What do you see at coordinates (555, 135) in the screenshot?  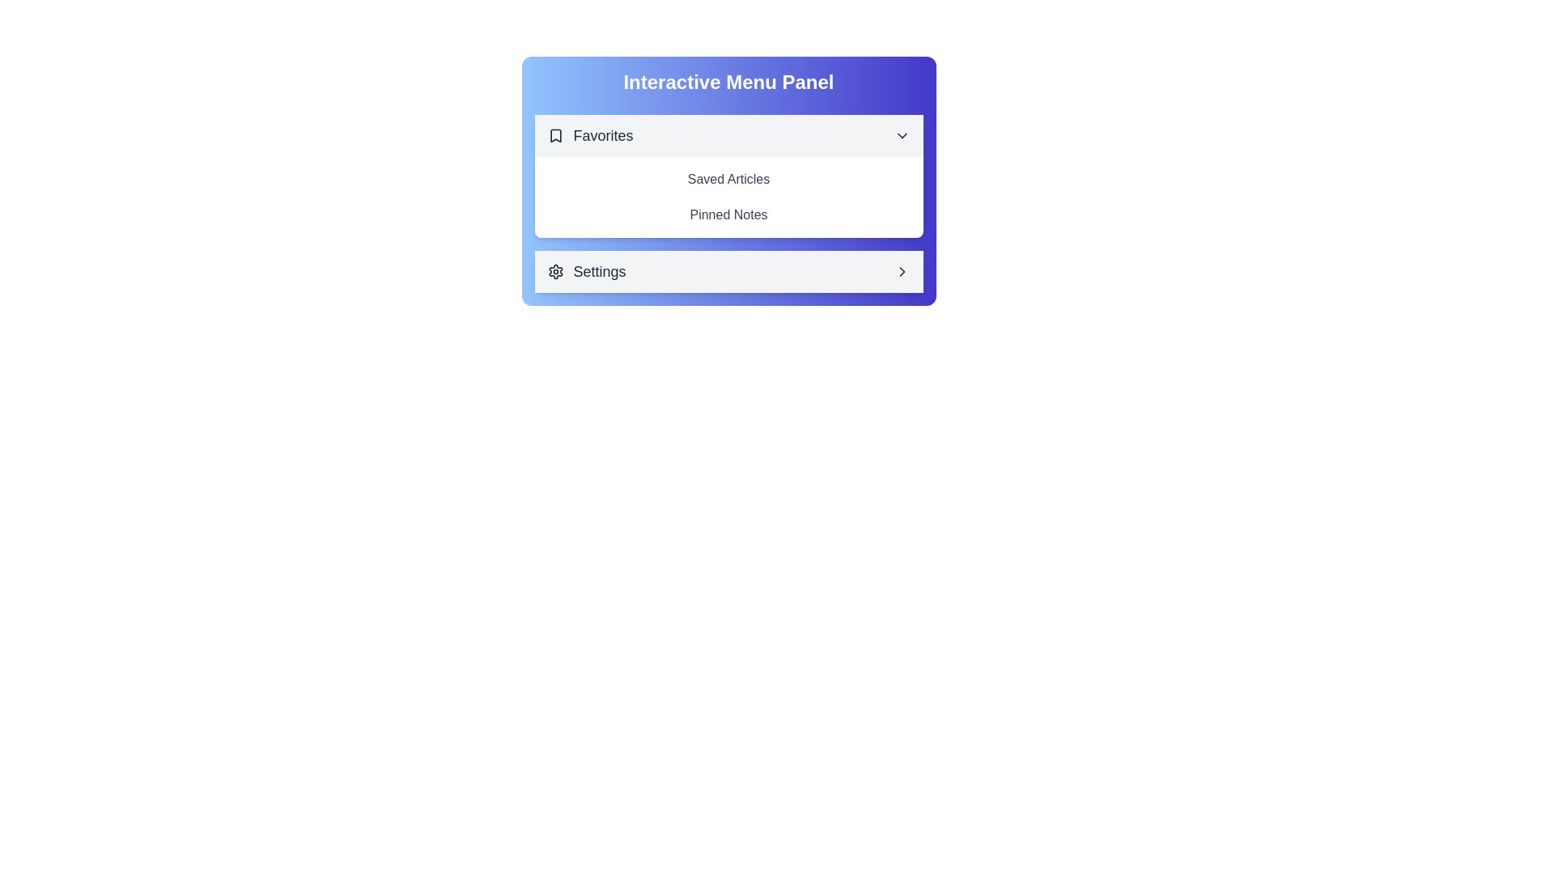 I see `the icon next to the section title Favorites to toggle its visibility` at bounding box center [555, 135].